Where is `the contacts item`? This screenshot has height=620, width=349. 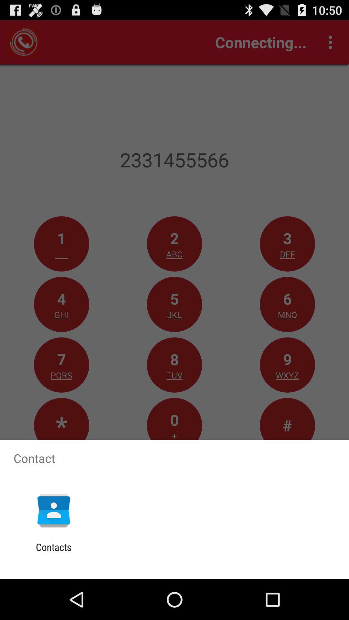
the contacts item is located at coordinates (53, 553).